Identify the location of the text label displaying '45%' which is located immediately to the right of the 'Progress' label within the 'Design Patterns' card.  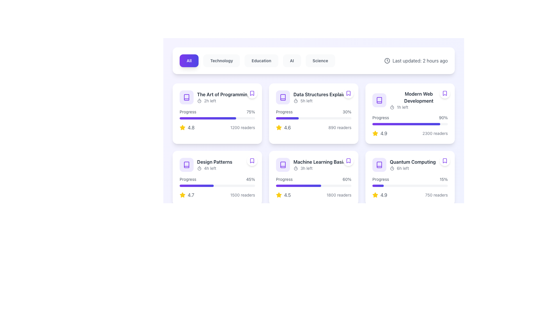
(250, 179).